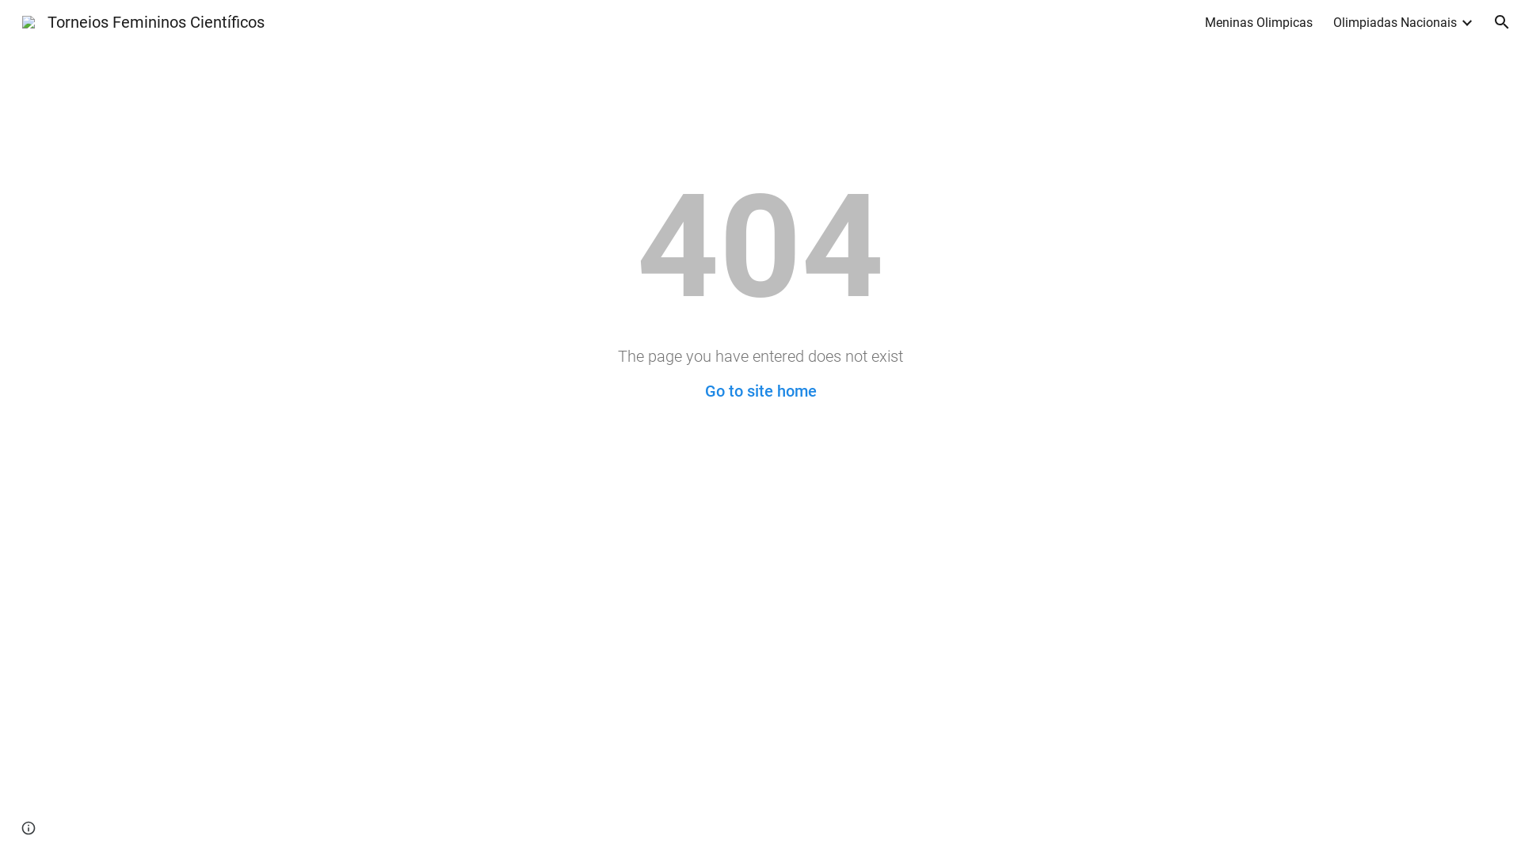 This screenshot has height=855, width=1521. What do you see at coordinates (760, 390) in the screenshot?
I see `'Go to site home'` at bounding box center [760, 390].